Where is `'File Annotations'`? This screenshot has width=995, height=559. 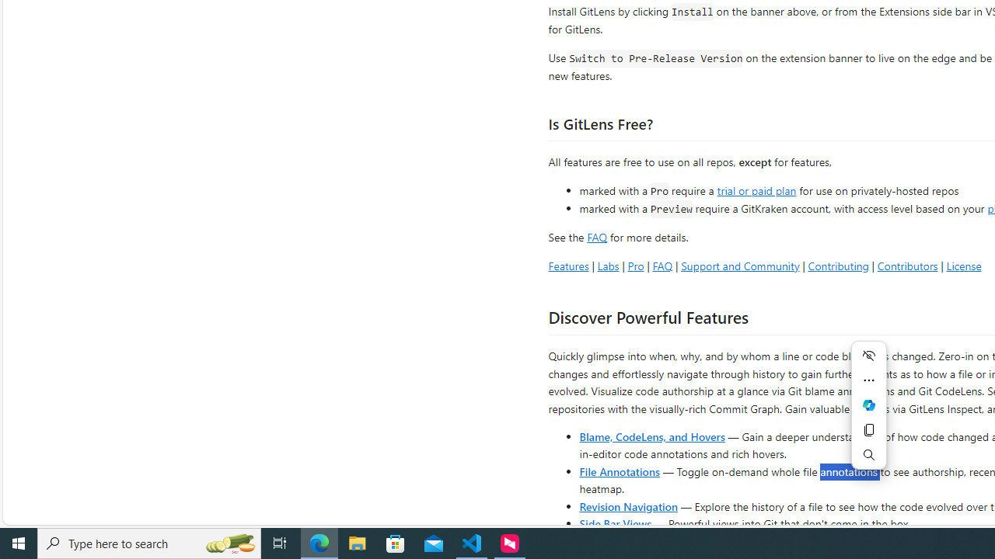 'File Annotations' is located at coordinates (618, 470).